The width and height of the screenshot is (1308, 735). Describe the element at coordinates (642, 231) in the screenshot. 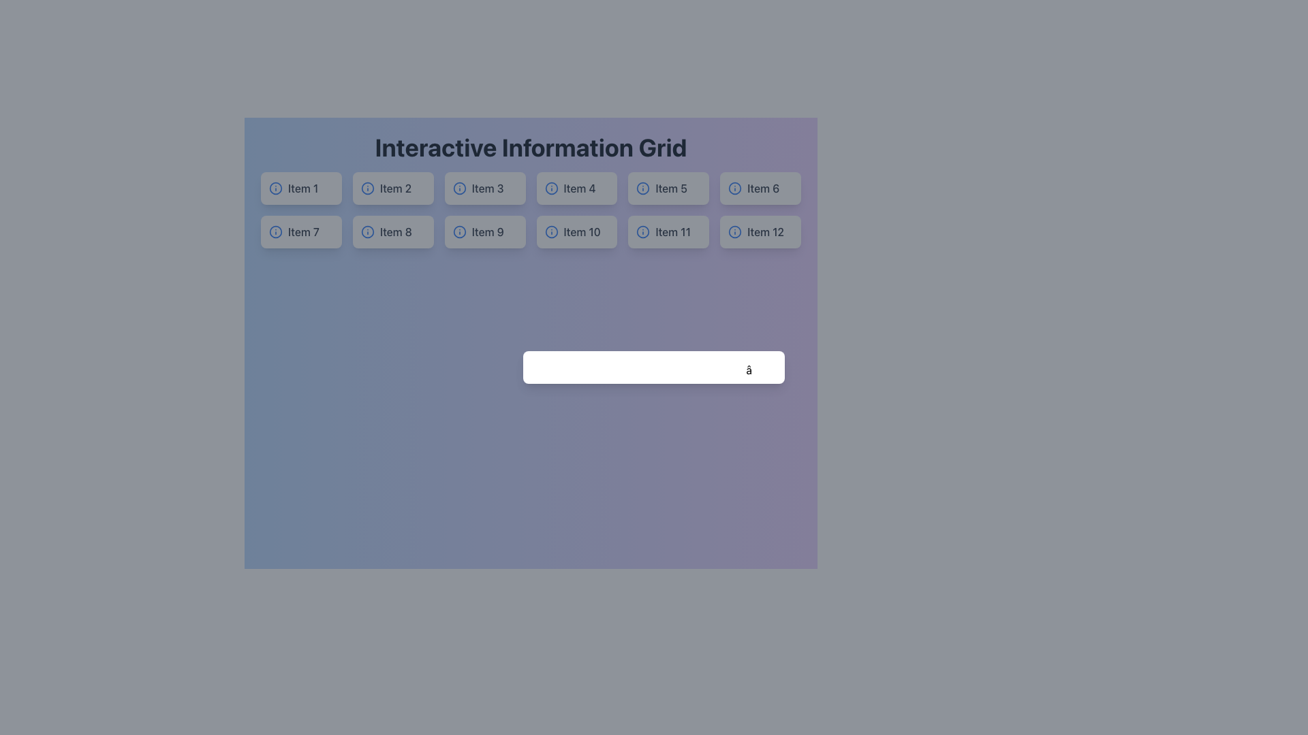

I see `the informational icon located to the left of the textual label 'Item 11'` at that location.